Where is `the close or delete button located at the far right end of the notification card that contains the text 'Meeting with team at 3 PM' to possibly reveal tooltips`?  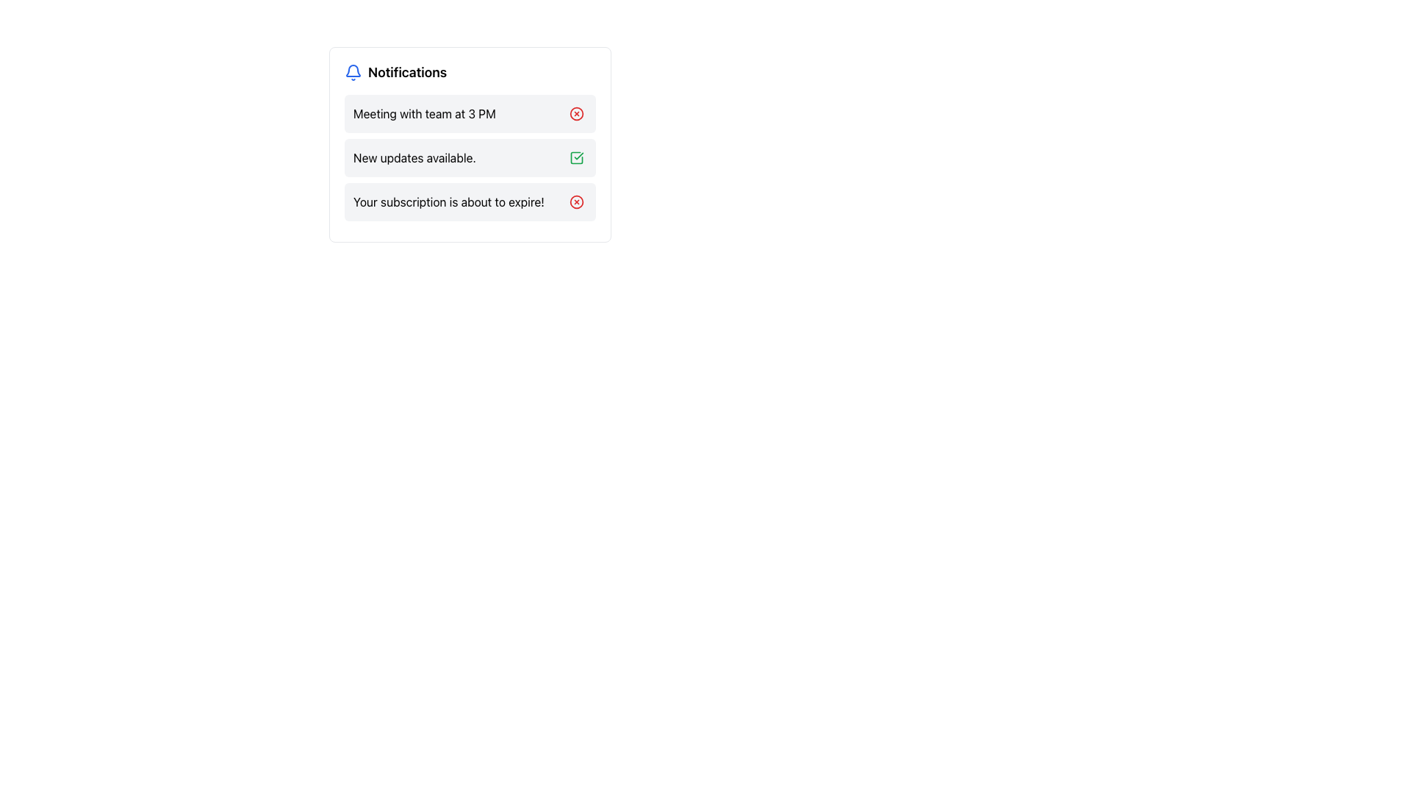
the close or delete button located at the far right end of the notification card that contains the text 'Meeting with team at 3 PM' to possibly reveal tooltips is located at coordinates (576, 112).